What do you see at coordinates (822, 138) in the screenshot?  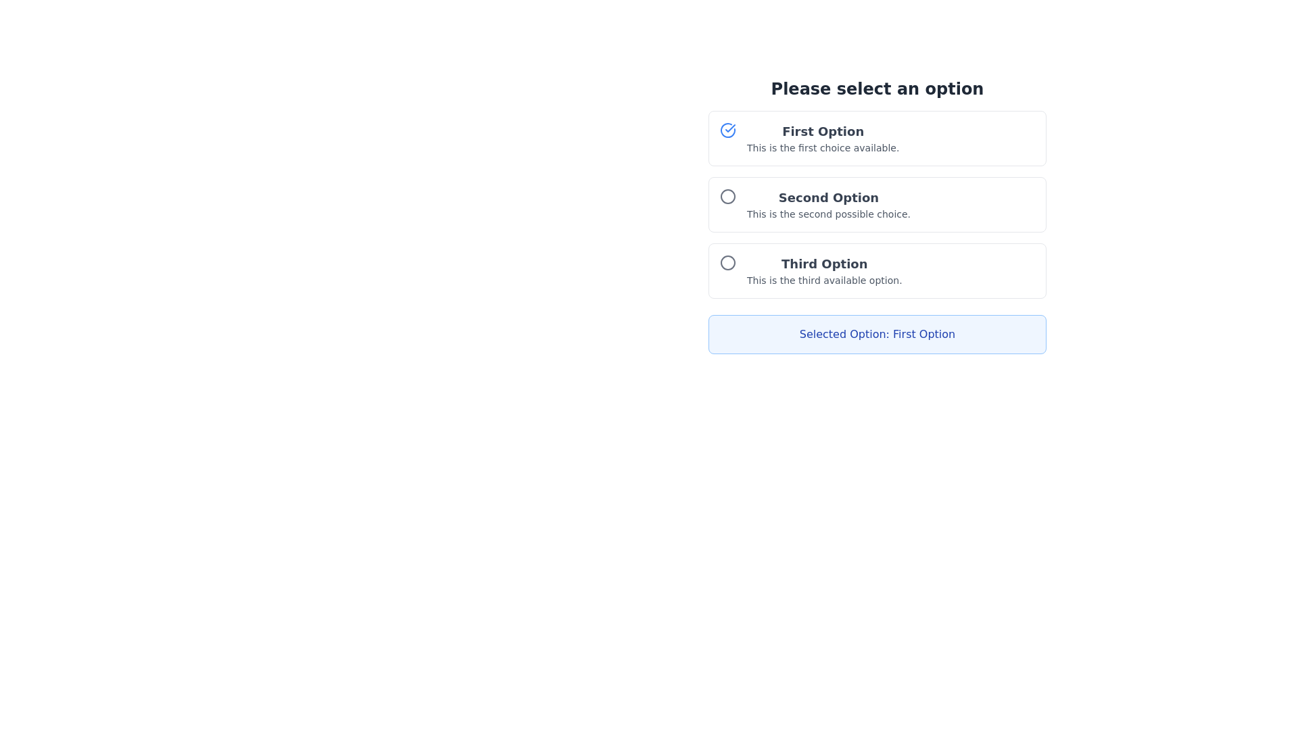 I see `the topmost selectable option labeled 'First Option' in the vertical list of choices` at bounding box center [822, 138].